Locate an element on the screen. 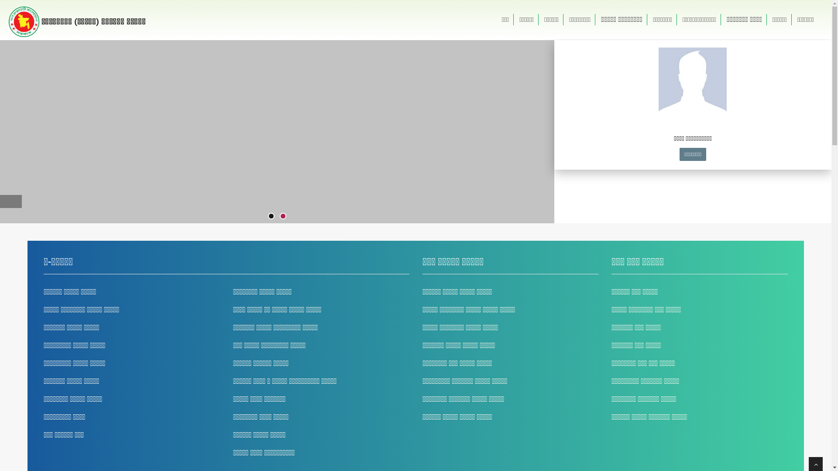  '2' is located at coordinates (281, 216).